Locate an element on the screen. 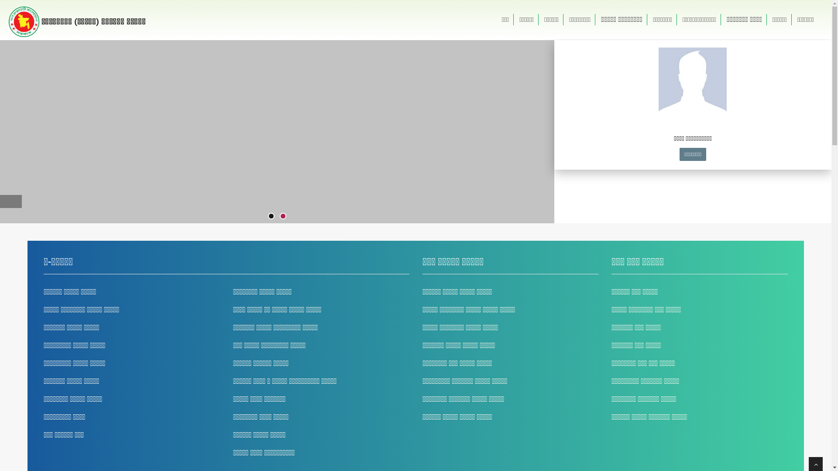  '2' is located at coordinates (281, 216).